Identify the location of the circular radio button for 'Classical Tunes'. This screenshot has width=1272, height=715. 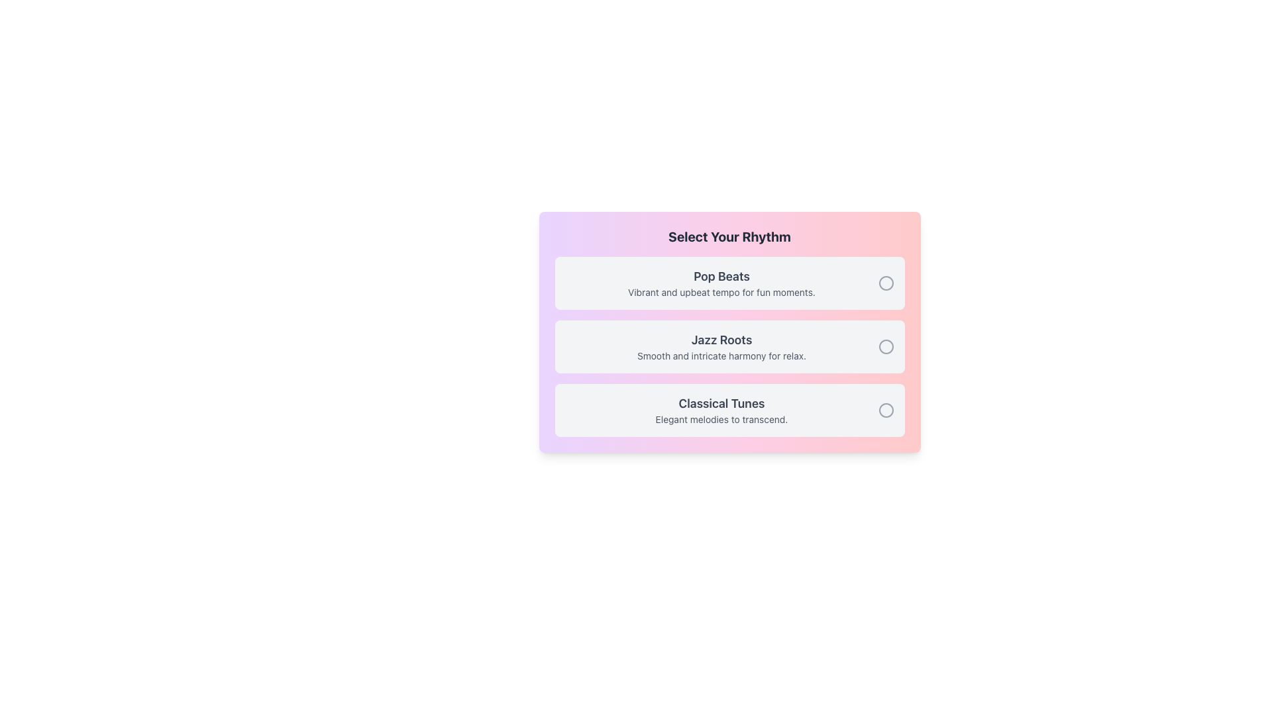
(886, 410).